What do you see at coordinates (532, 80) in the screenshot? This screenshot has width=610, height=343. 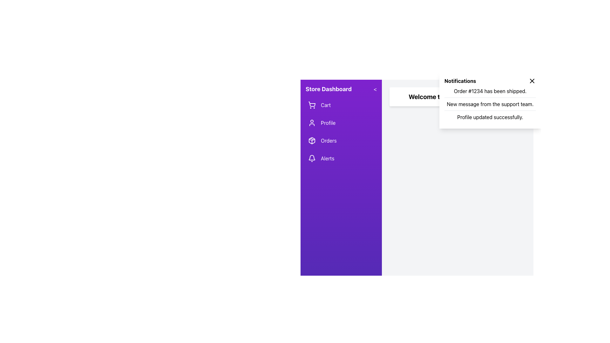 I see `the 'X' icon located in the top-right corner of the 'Notifications' popup panel` at bounding box center [532, 80].